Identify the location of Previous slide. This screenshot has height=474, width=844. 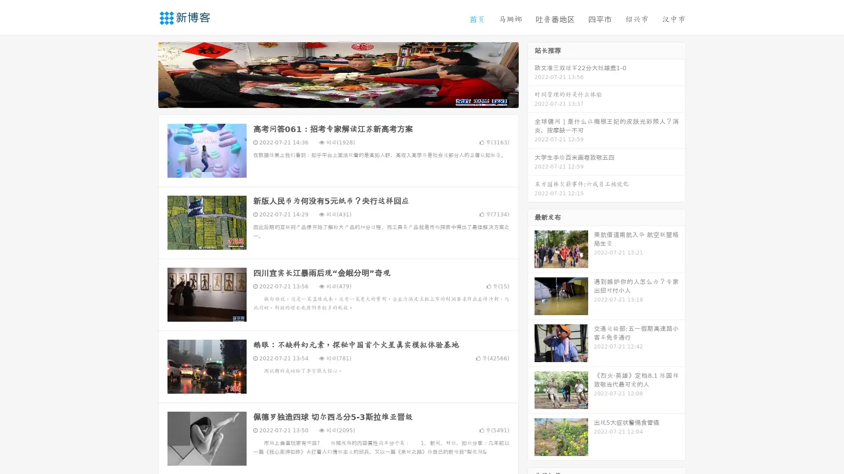
(145, 74).